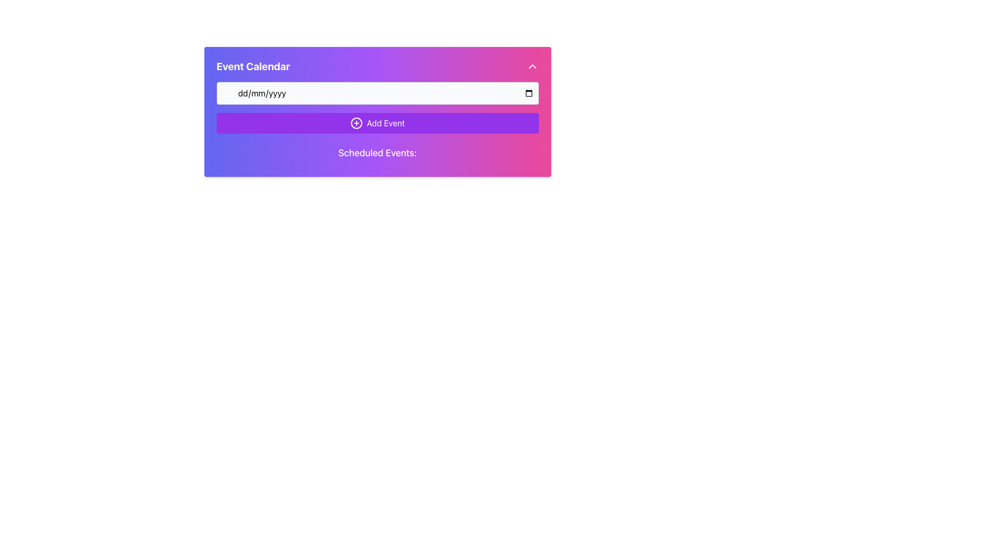 The image size is (991, 557). I want to click on the input field for selecting a date, located below the 'Event Calendar' title and above the 'Add Event' button, so click(377, 93).